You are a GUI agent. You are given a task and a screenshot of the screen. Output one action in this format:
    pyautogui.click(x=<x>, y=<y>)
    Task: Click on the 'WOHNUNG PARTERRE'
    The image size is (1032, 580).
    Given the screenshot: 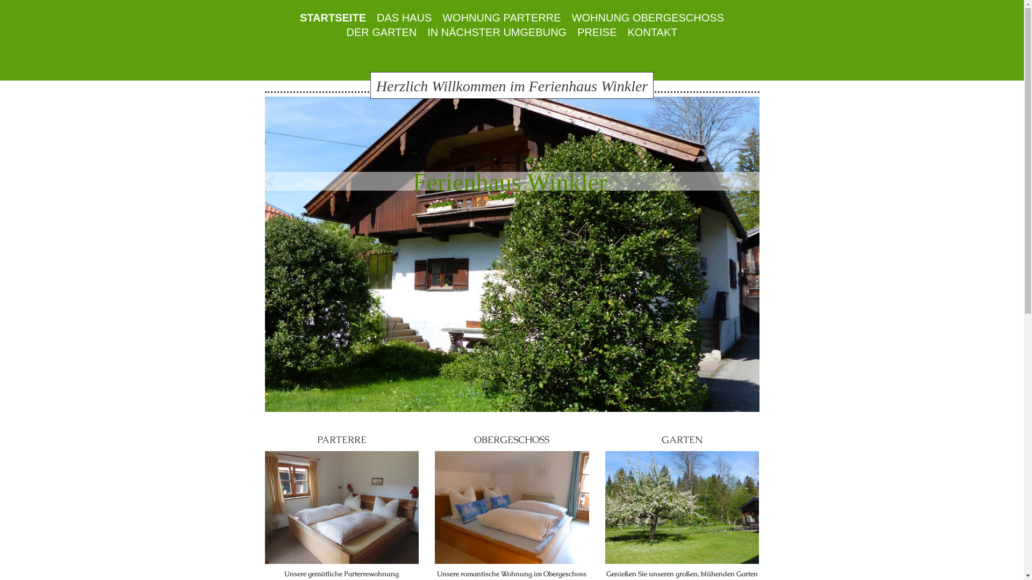 What is the action you would take?
    pyautogui.click(x=500, y=18)
    